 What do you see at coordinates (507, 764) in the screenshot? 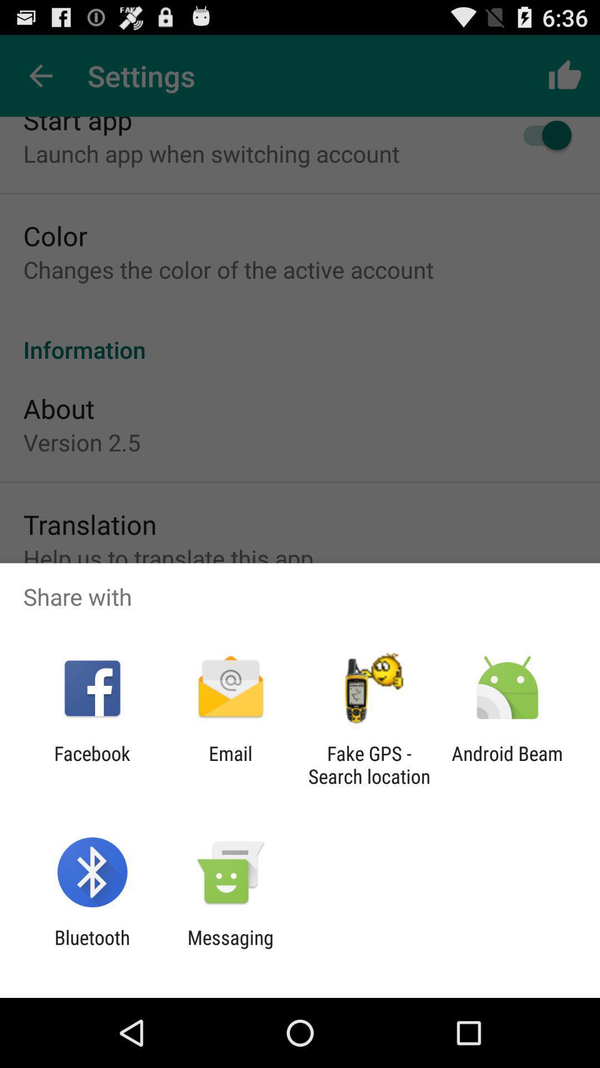
I see `the app at the bottom right corner` at bounding box center [507, 764].